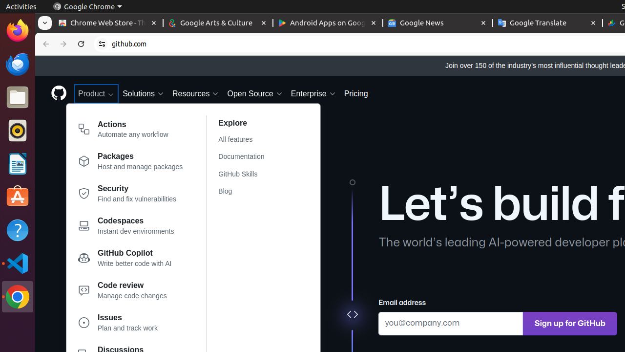 The height and width of the screenshot is (352, 625). Describe the element at coordinates (247, 191) in the screenshot. I see `'Blog'` at that location.